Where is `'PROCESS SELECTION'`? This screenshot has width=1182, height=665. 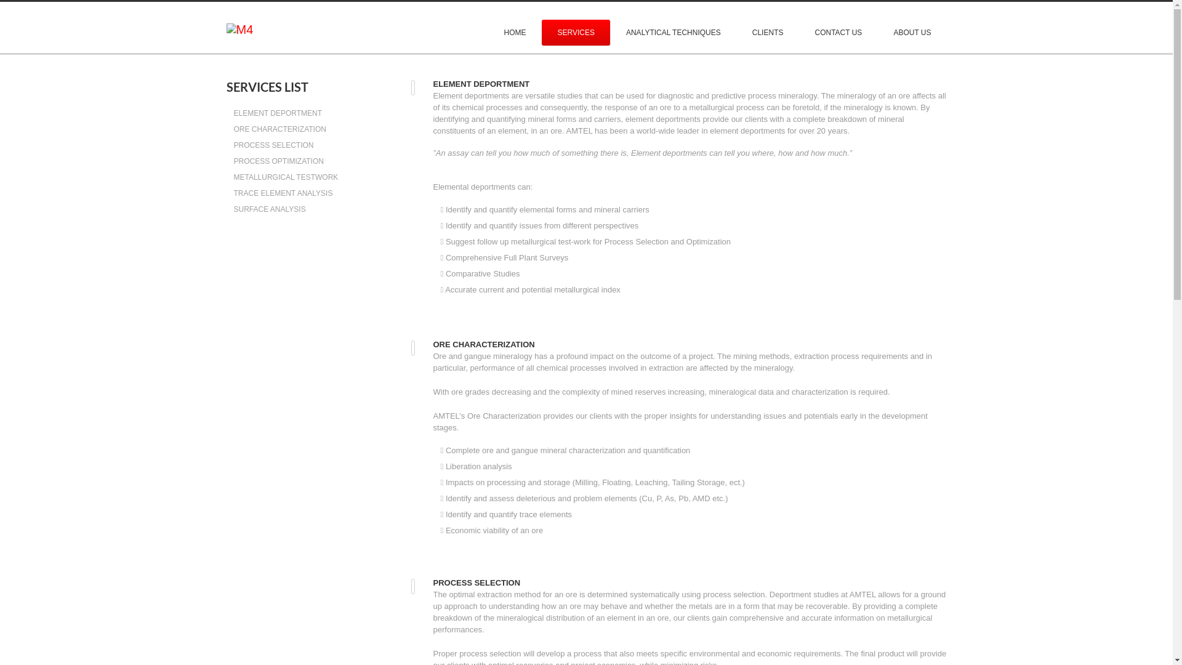 'PROCESS SELECTION' is located at coordinates (233, 144).